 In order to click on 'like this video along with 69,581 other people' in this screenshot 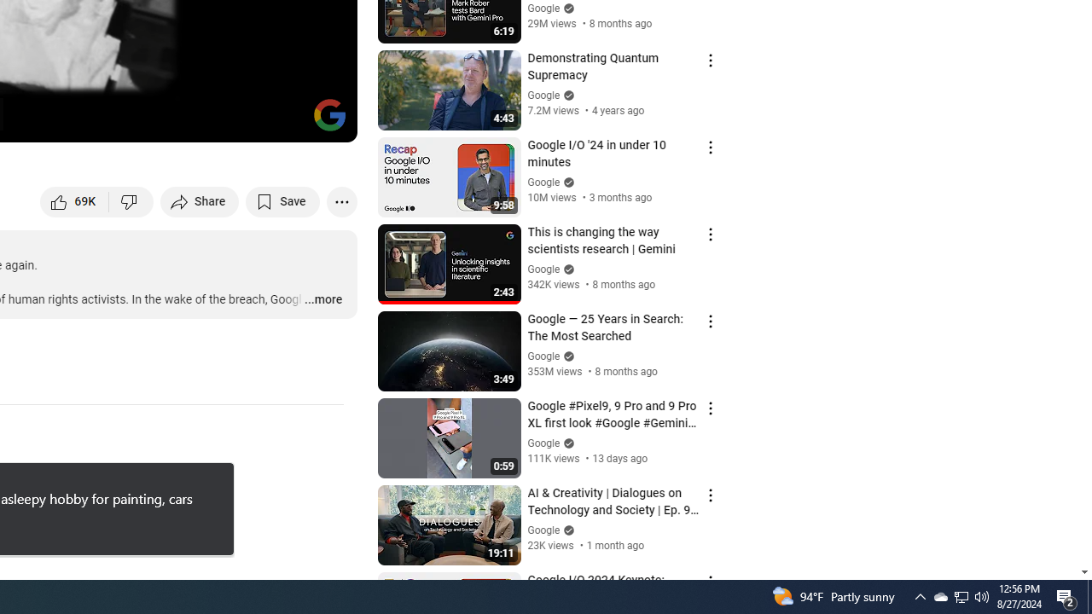, I will do `click(74, 200)`.